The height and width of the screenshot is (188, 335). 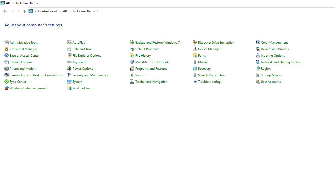 I want to click on 'Up to "Control Panel" (Alt + Up Arrow)', so click(x=24, y=11).